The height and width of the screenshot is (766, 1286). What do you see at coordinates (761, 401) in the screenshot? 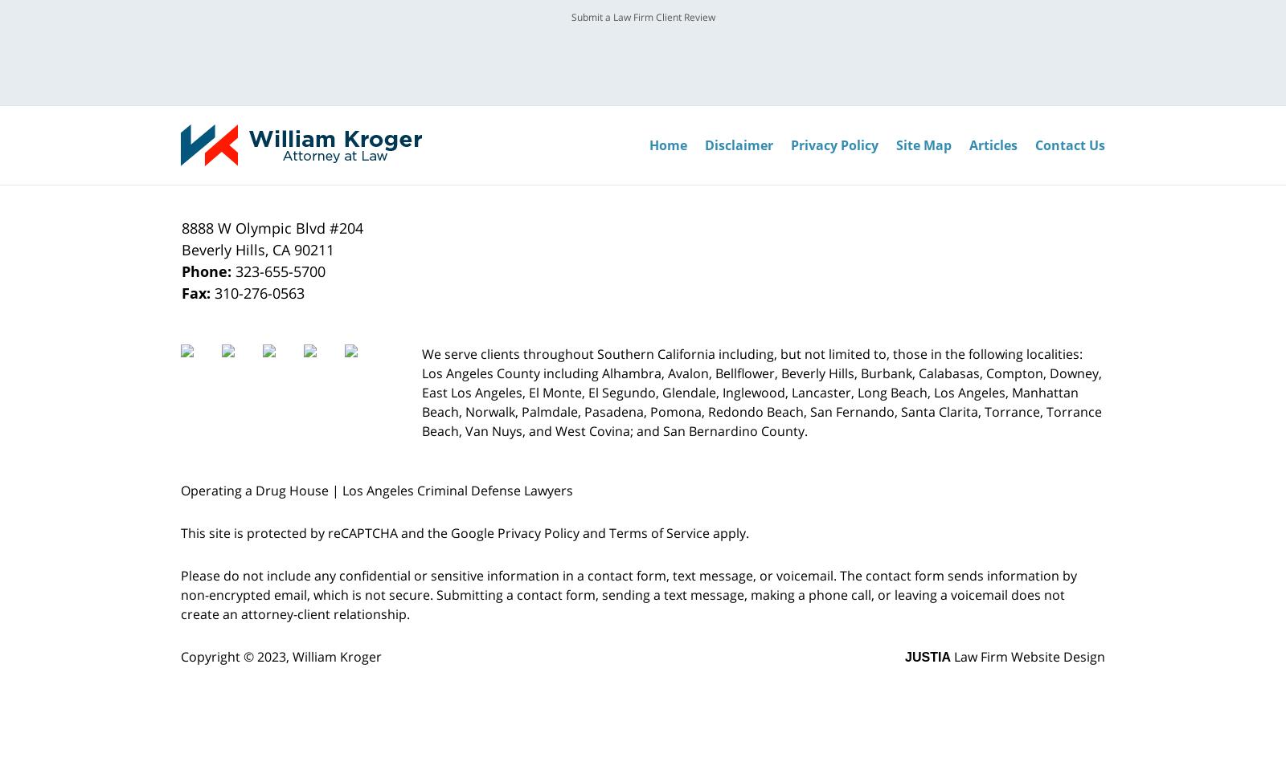
I see `'Los Angeles County including Alhambra, Avalon, Bellflower, Beverly Hills, Burbank, Calabasas, Compton, Downey, East Los Angeles, El Monte, El Segundo, Glendale, Inglewood, Lancaster, Long Beach, Los Angeles, Manhattan Beach, Norwalk, Palmdale, Pasadena, Pomona, Redondo Beach, San Fernando, Santa Clarita, Torrance, Torrance Beach, Van Nuys, and West Covina; and San Bernardino County.'` at bounding box center [761, 401].